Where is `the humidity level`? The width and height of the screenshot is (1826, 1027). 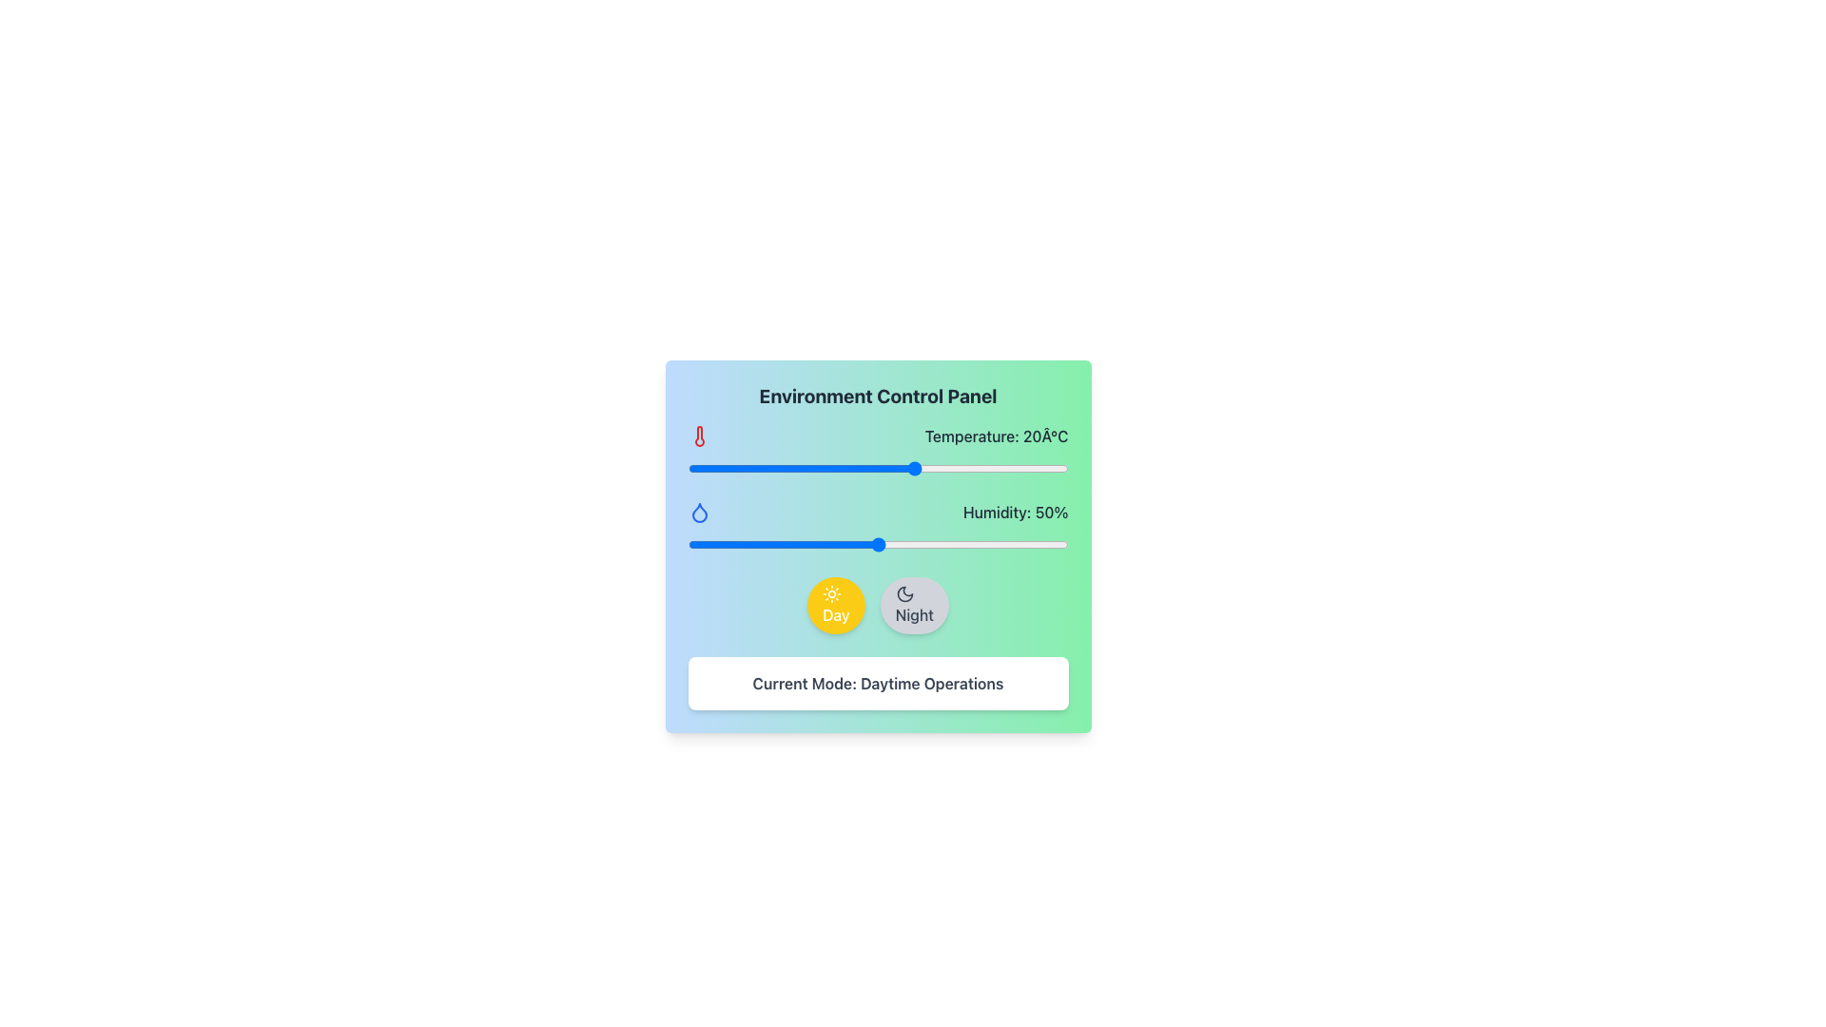 the humidity level is located at coordinates (999, 545).